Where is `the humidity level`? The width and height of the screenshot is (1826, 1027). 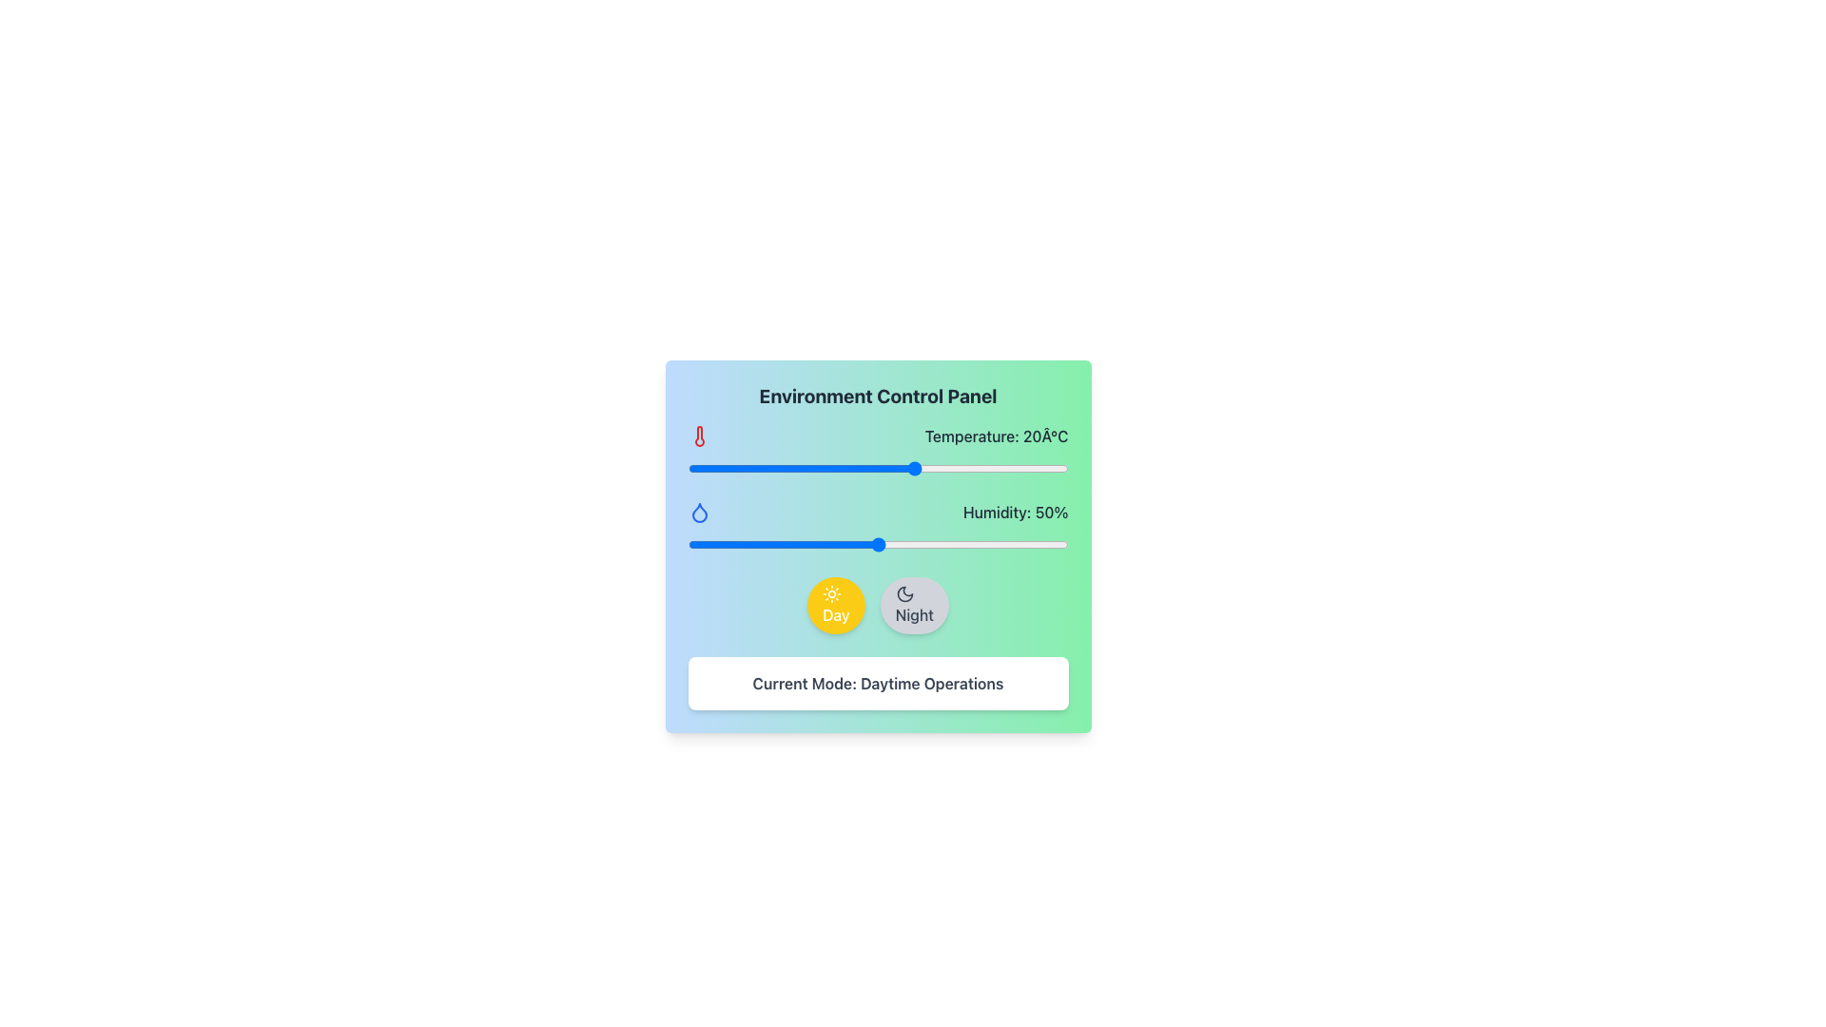 the humidity level is located at coordinates (999, 545).